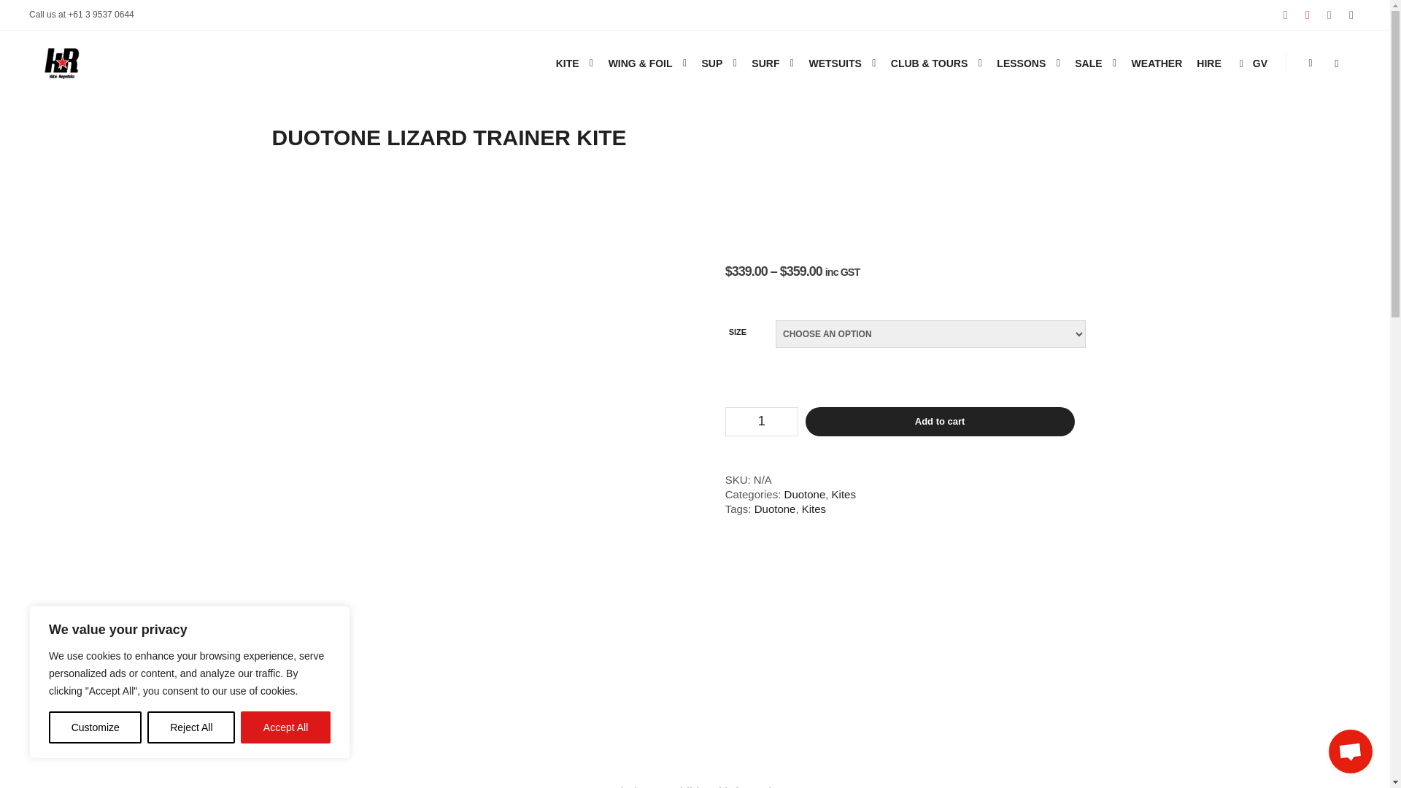 This screenshot has width=1401, height=788. Describe the element at coordinates (190, 727) in the screenshot. I see `'Reject All'` at that location.